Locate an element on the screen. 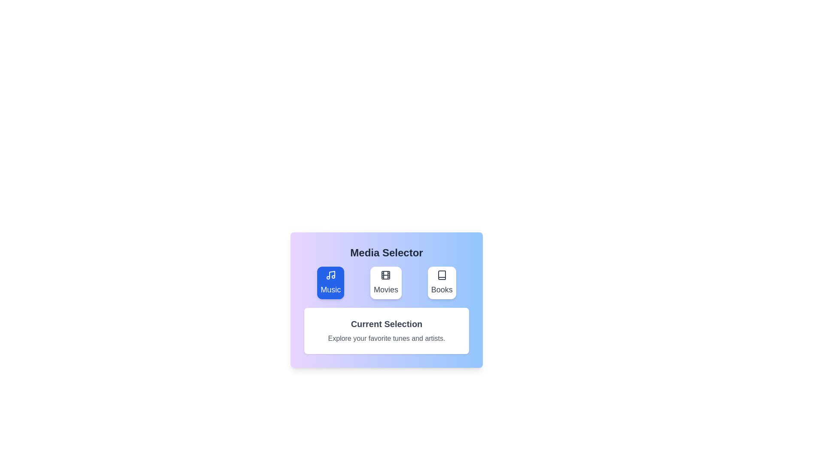 This screenshot has width=824, height=463. the 'Movies' icon, which is the second selectable option in the horizontal layout below the heading 'Media Selector' is located at coordinates (385, 275).